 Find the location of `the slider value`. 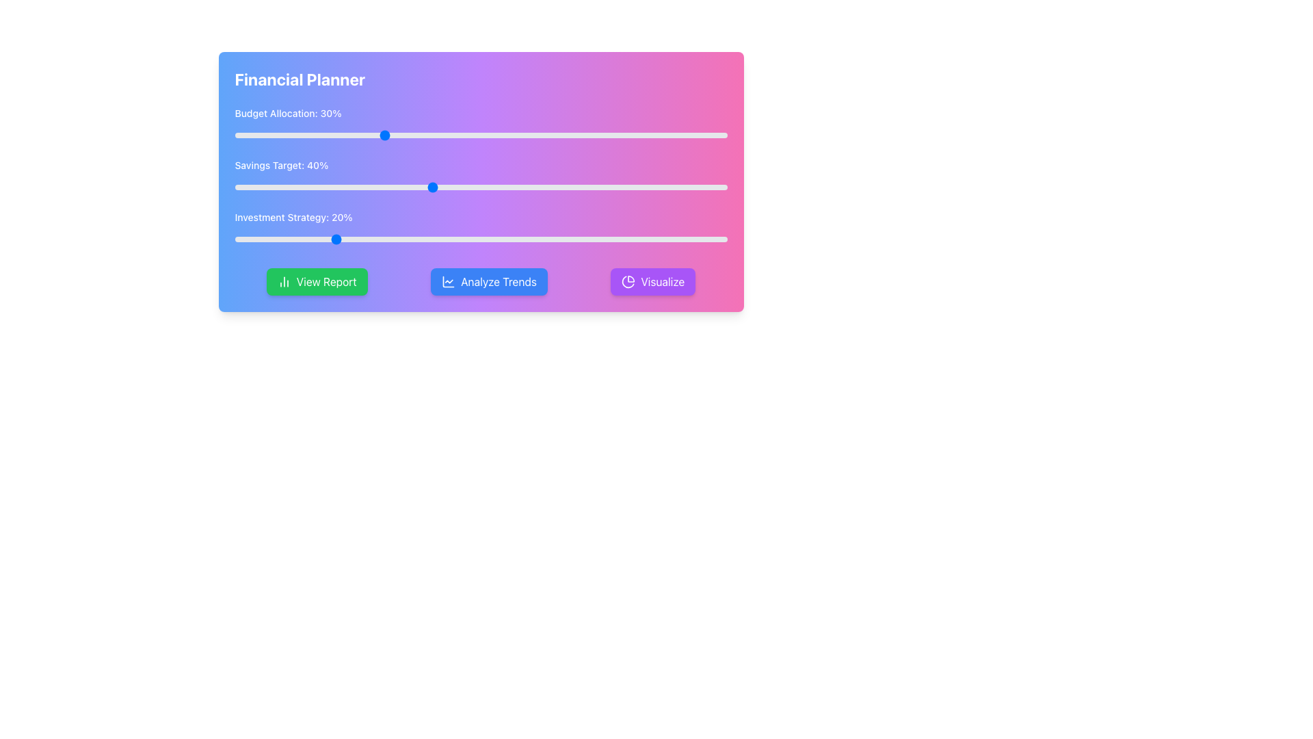

the slider value is located at coordinates (687, 135).